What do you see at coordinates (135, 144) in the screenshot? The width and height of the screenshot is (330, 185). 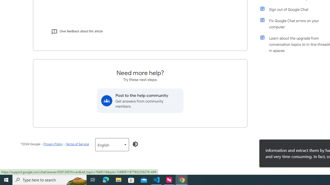 I see `'Enable Dark Mode'` at bounding box center [135, 144].